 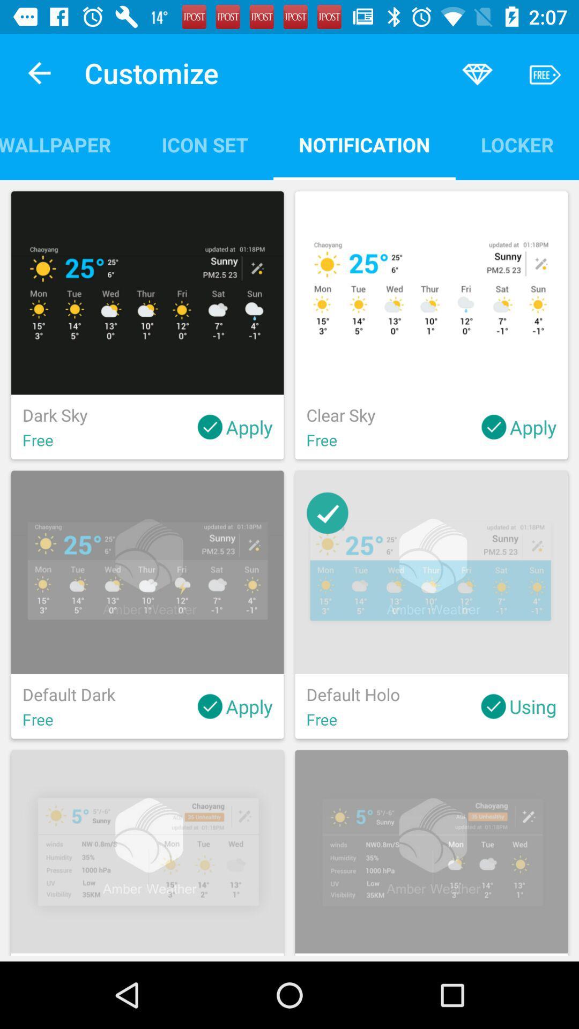 I want to click on icon set below customize, so click(x=204, y=144).